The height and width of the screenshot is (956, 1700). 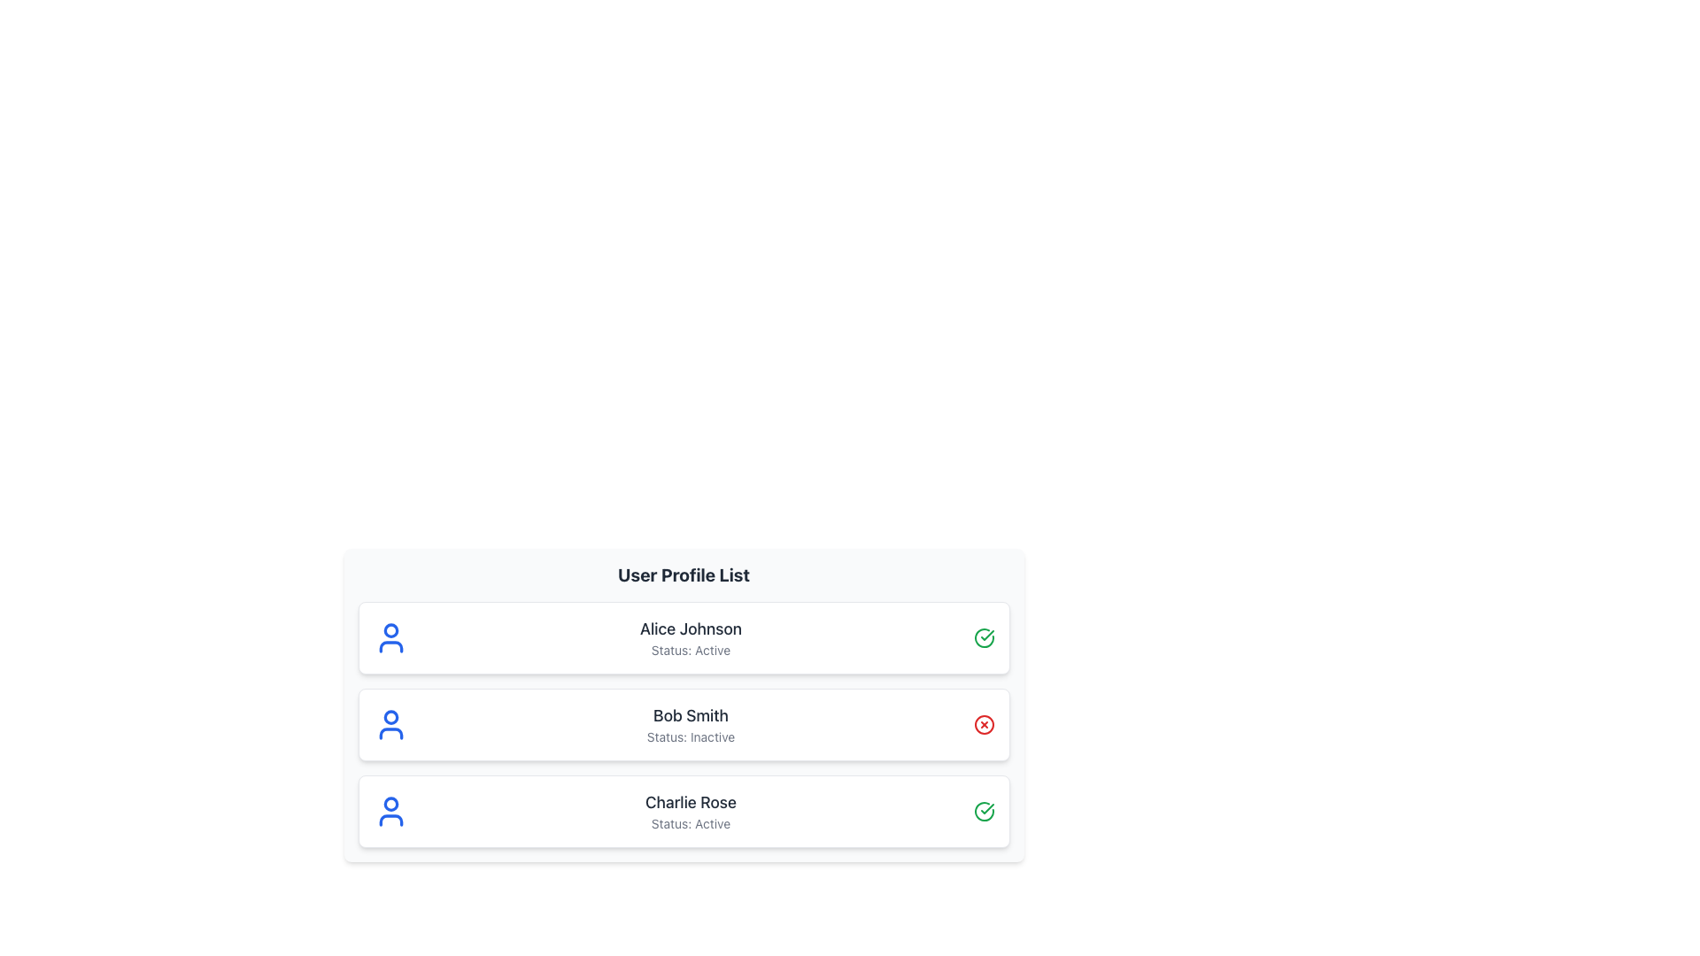 I want to click on the static text element displaying 'Charlie Rose' which is styled in dark gray and located in the first position of its user profile row, so click(x=690, y=802).